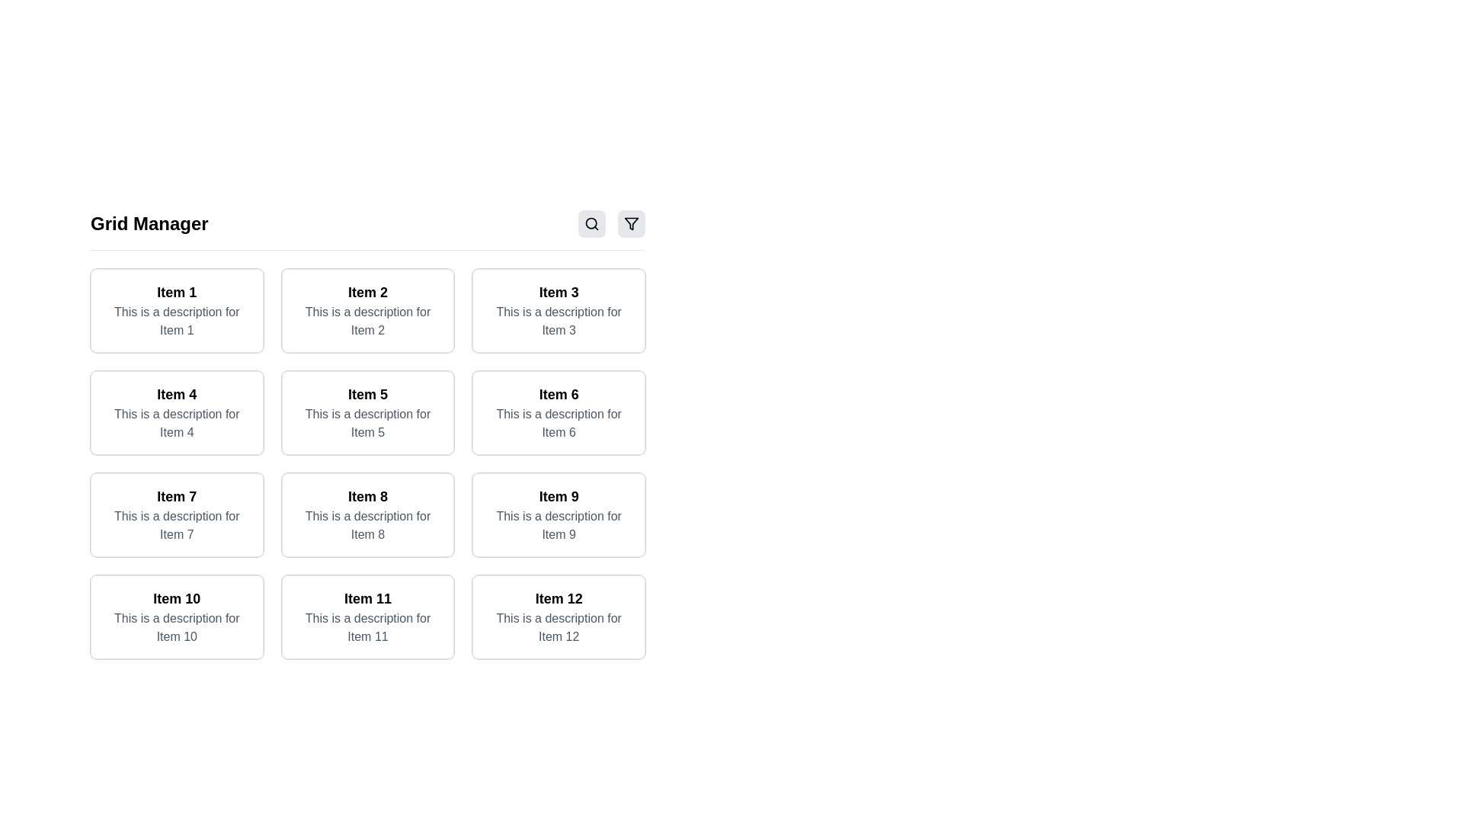 The height and width of the screenshot is (823, 1463). I want to click on gray text label that says 'This is a description for Item 8.' located in the eighth card of the grid layout, below the title 'Item 8.', so click(368, 525).